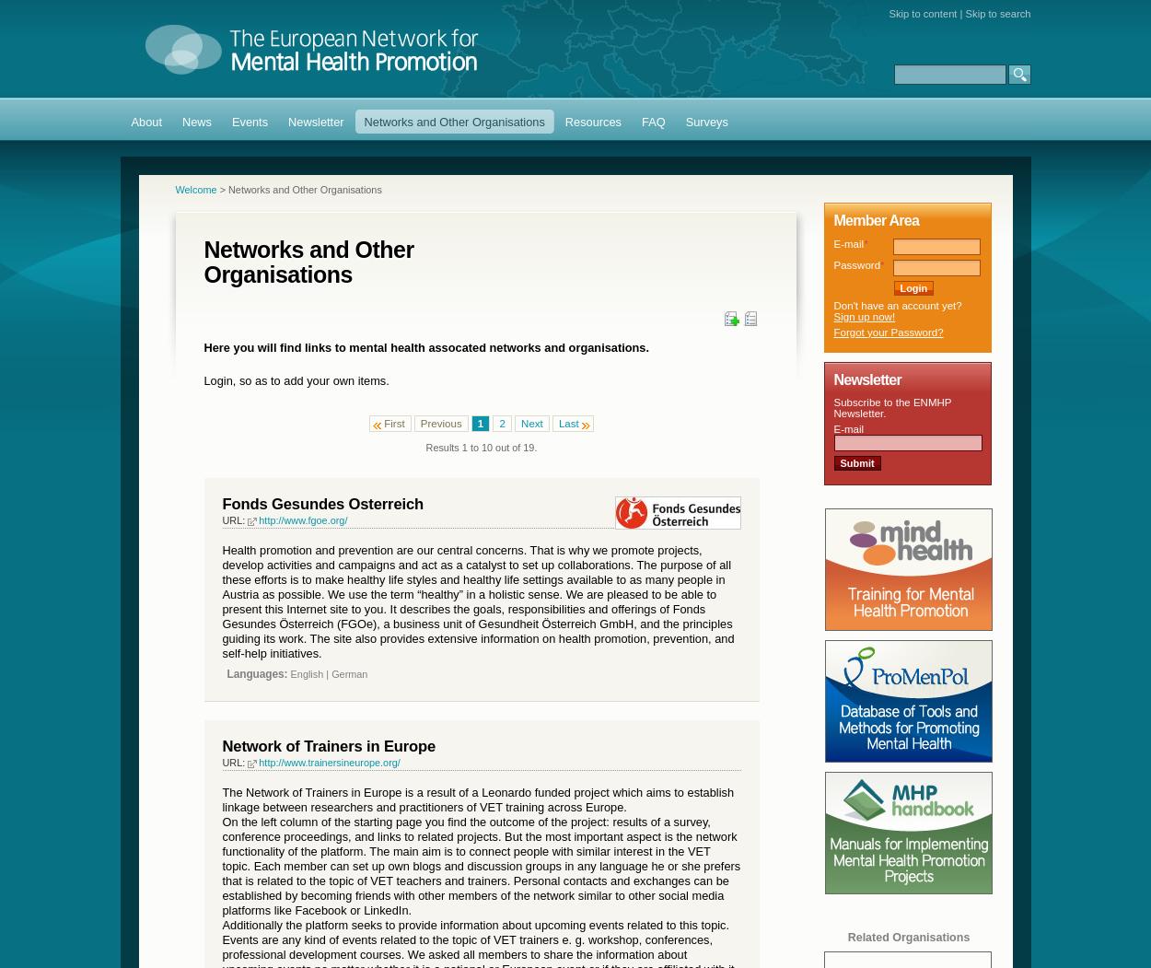 Image resolution: width=1151 pixels, height=968 pixels. What do you see at coordinates (258, 672) in the screenshot?
I see `'Languages:'` at bounding box center [258, 672].